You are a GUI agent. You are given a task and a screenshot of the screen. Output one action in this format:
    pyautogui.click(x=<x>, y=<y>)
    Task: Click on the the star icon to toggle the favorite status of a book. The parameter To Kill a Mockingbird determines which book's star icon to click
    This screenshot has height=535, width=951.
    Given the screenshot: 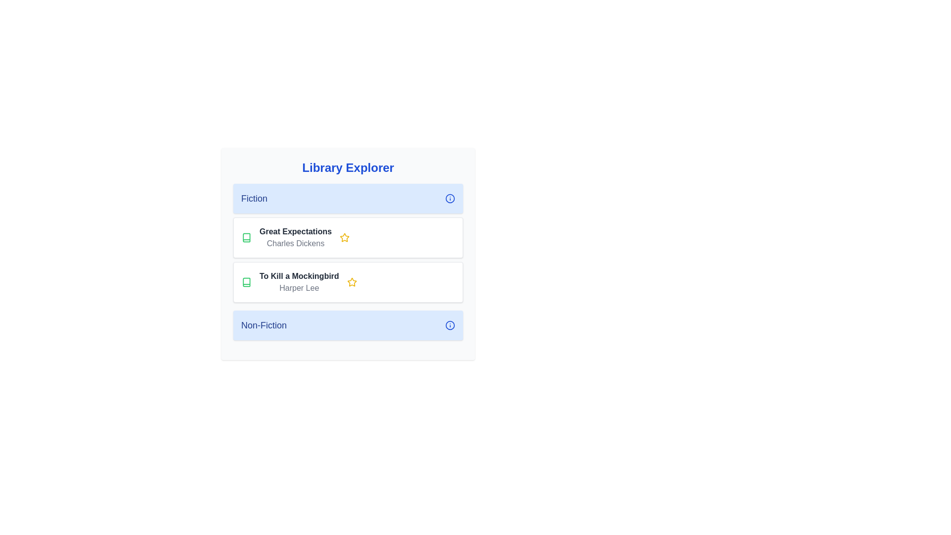 What is the action you would take?
    pyautogui.click(x=352, y=282)
    